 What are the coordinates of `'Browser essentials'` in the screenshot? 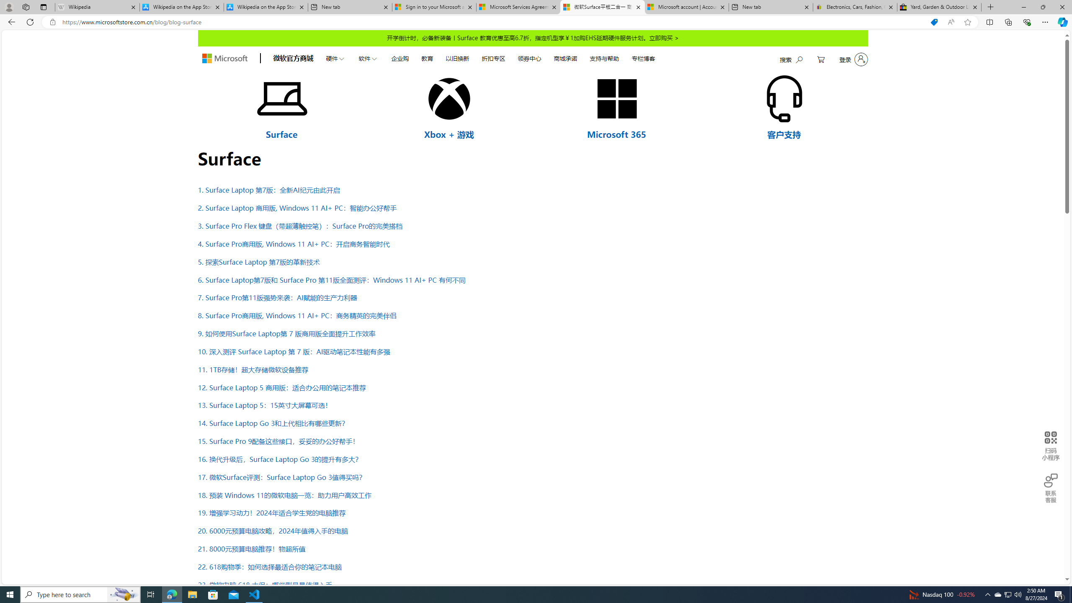 It's located at (1026, 21).